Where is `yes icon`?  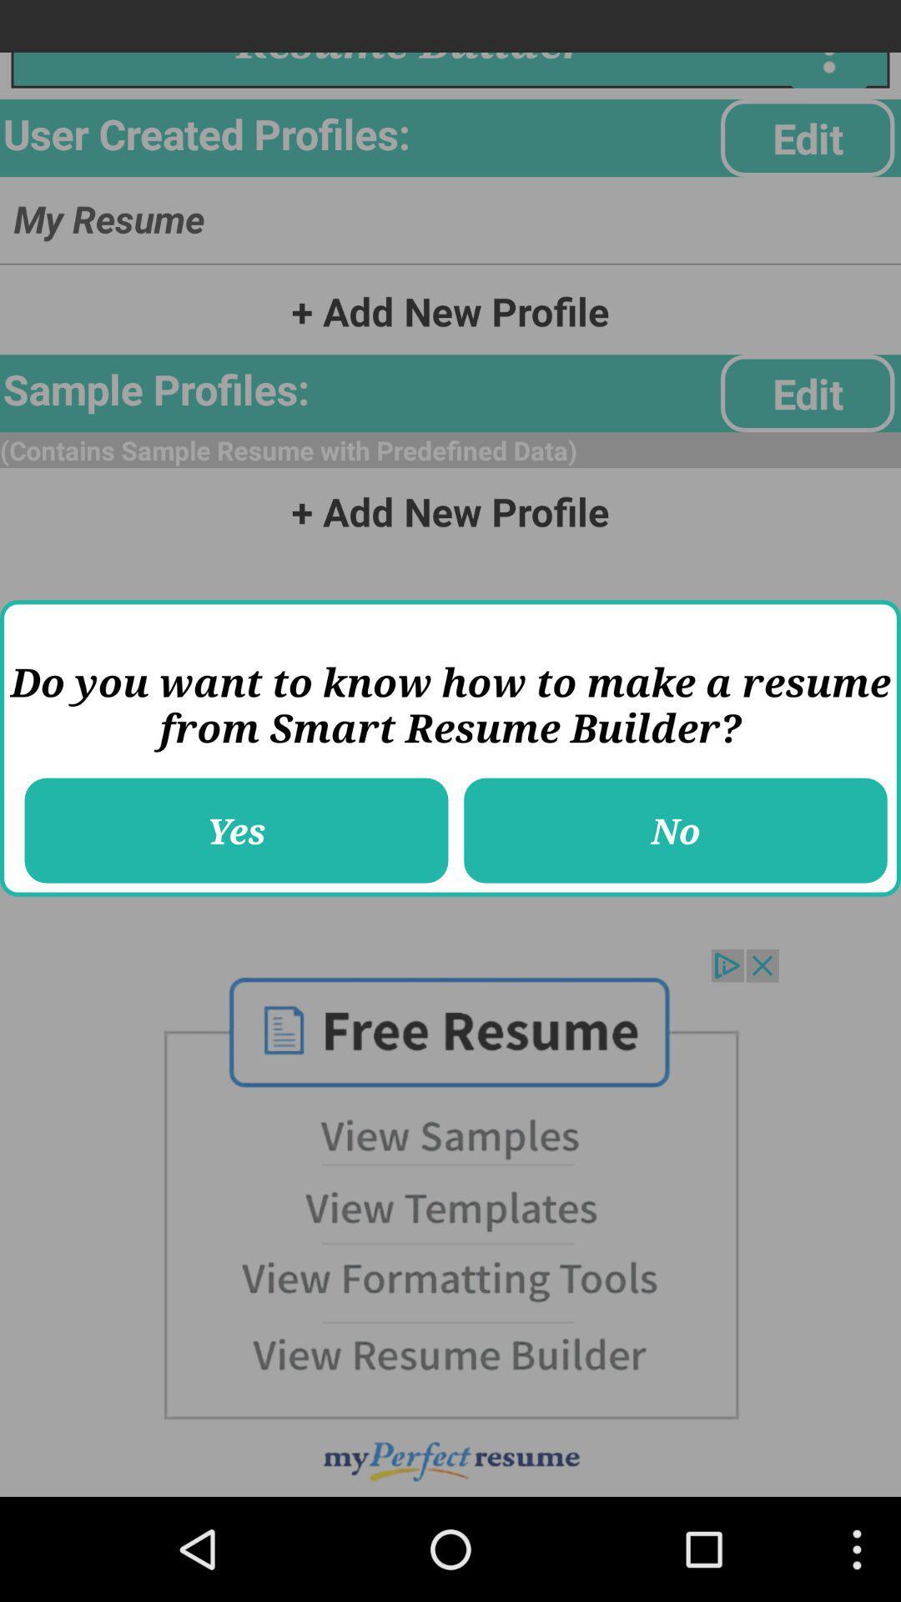
yes icon is located at coordinates (236, 830).